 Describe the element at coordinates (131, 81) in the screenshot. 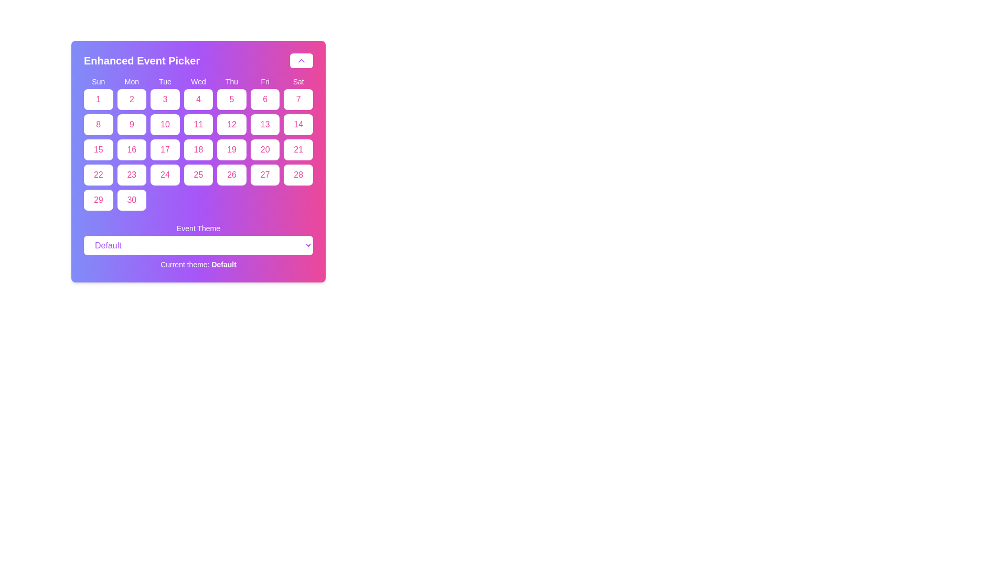

I see `text label 'Mon' which is styled in white on a purple background, positioned as the second element in a row of days of the week at the top of the calendar interface` at that location.